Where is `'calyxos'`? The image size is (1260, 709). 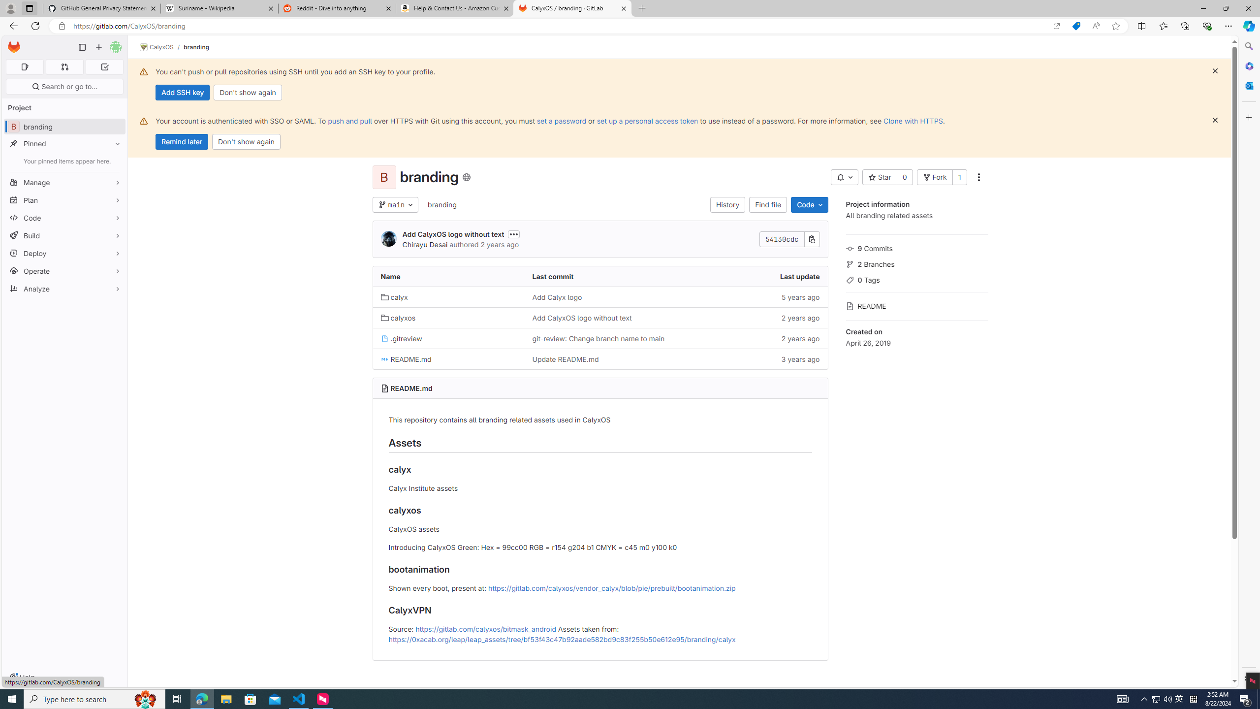 'calyxos' is located at coordinates (397, 317).